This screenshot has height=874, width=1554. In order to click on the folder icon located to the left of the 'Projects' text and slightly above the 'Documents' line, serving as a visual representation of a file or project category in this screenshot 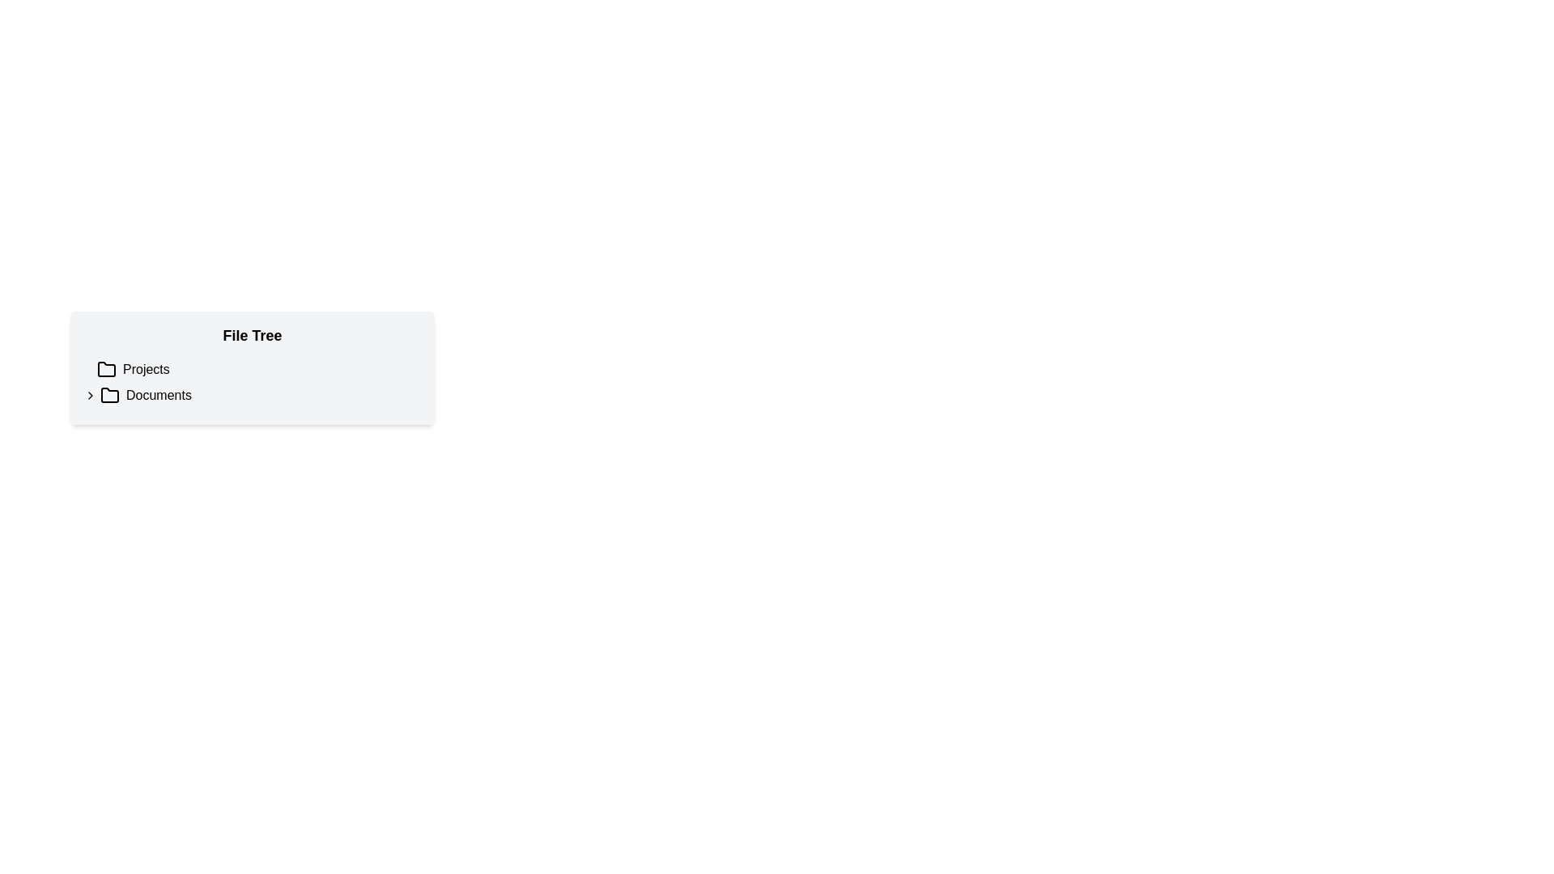, I will do `click(106, 369)`.